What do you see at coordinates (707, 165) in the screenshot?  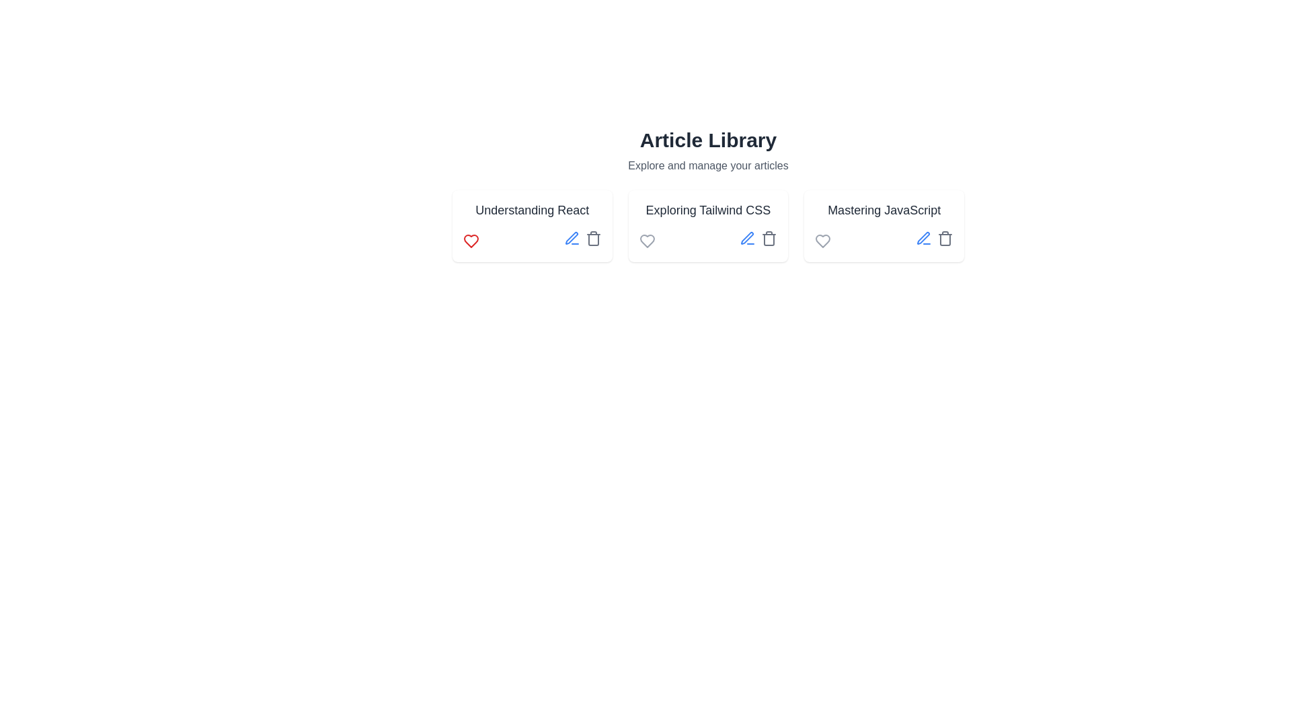 I see `the text element that reads 'Explore and manage your articles', which is styled in light gray and positioned below the 'Article Library' title` at bounding box center [707, 165].